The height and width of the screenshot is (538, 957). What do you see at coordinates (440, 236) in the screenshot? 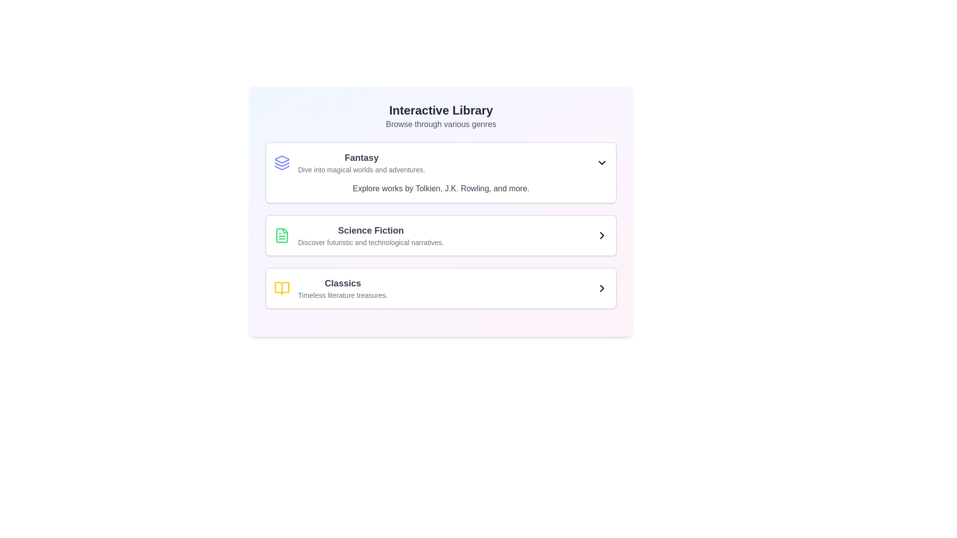
I see `the second list item in the genre categories` at bounding box center [440, 236].